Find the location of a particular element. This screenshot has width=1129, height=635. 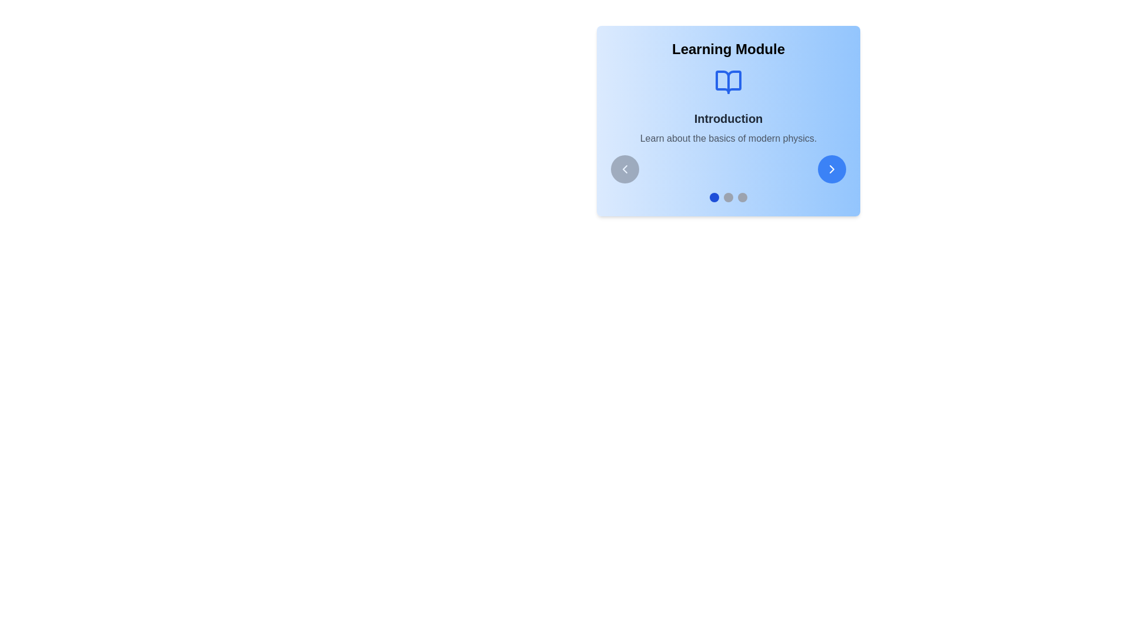

the third Indicator button in the carousel control located at the bottom center of the 'Learning Module' panel is located at coordinates (741, 196).